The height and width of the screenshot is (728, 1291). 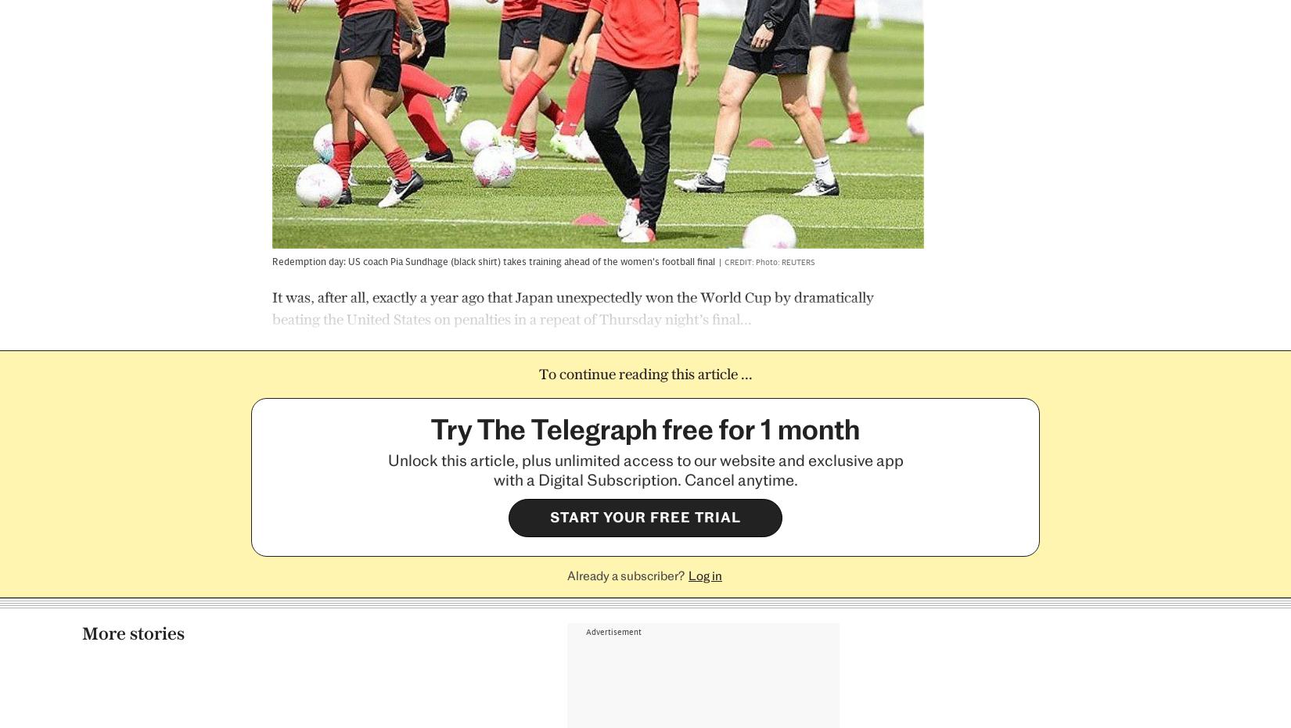 What do you see at coordinates (697, 575) in the screenshot?
I see `'Lila Randall'` at bounding box center [697, 575].